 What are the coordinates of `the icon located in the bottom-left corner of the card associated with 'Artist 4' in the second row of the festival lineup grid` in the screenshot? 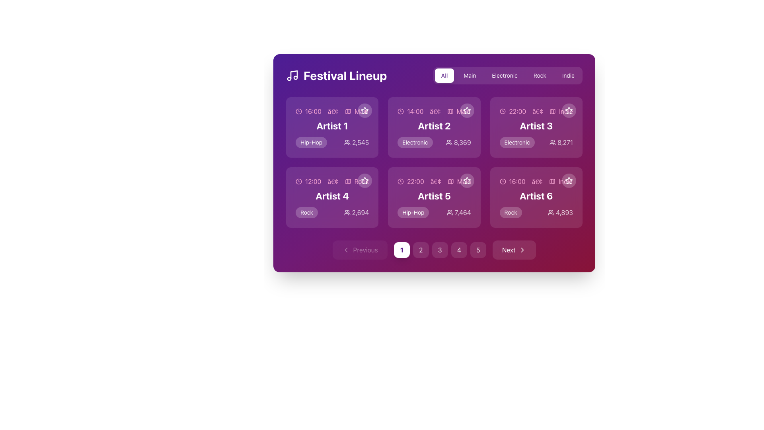 It's located at (348, 181).